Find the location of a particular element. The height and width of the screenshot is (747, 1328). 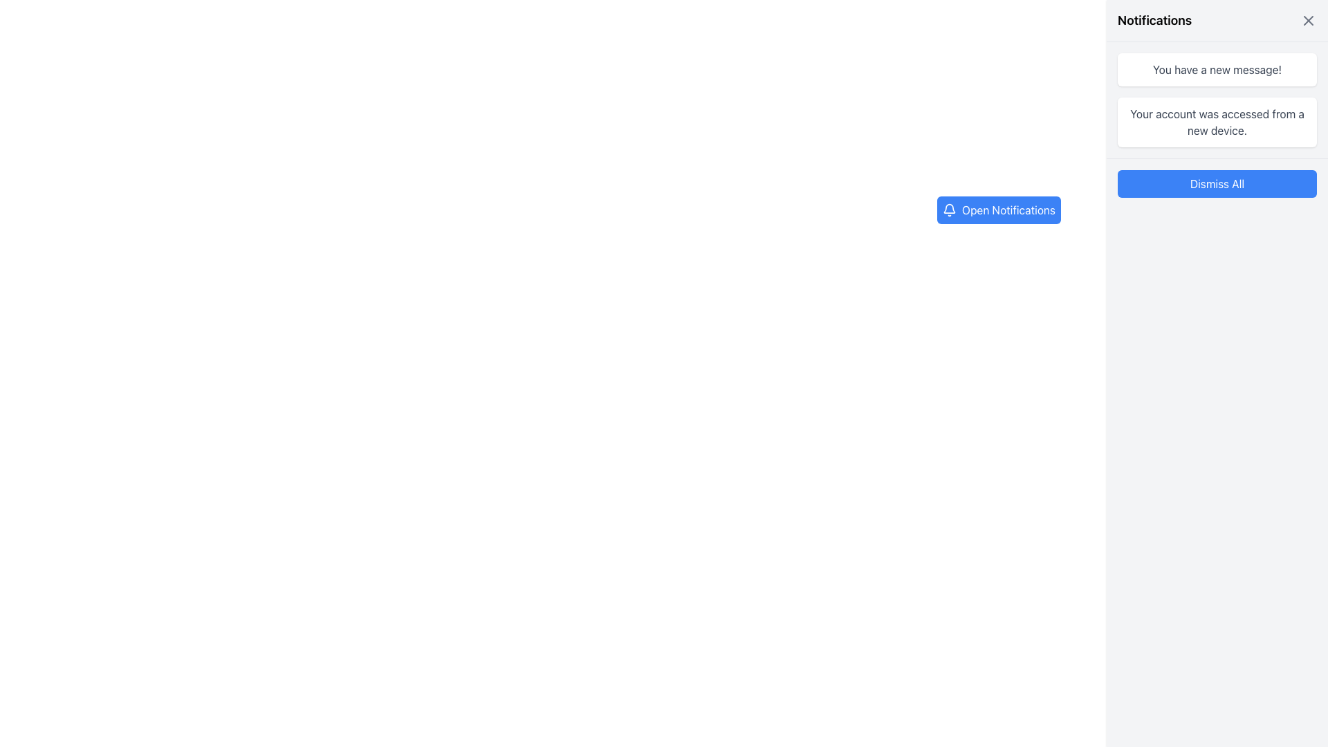

text snippet saying 'You have a new message!' located in the top-right section of the Notifications panel, which is part of the first notification card in the list is located at coordinates (1217, 69).